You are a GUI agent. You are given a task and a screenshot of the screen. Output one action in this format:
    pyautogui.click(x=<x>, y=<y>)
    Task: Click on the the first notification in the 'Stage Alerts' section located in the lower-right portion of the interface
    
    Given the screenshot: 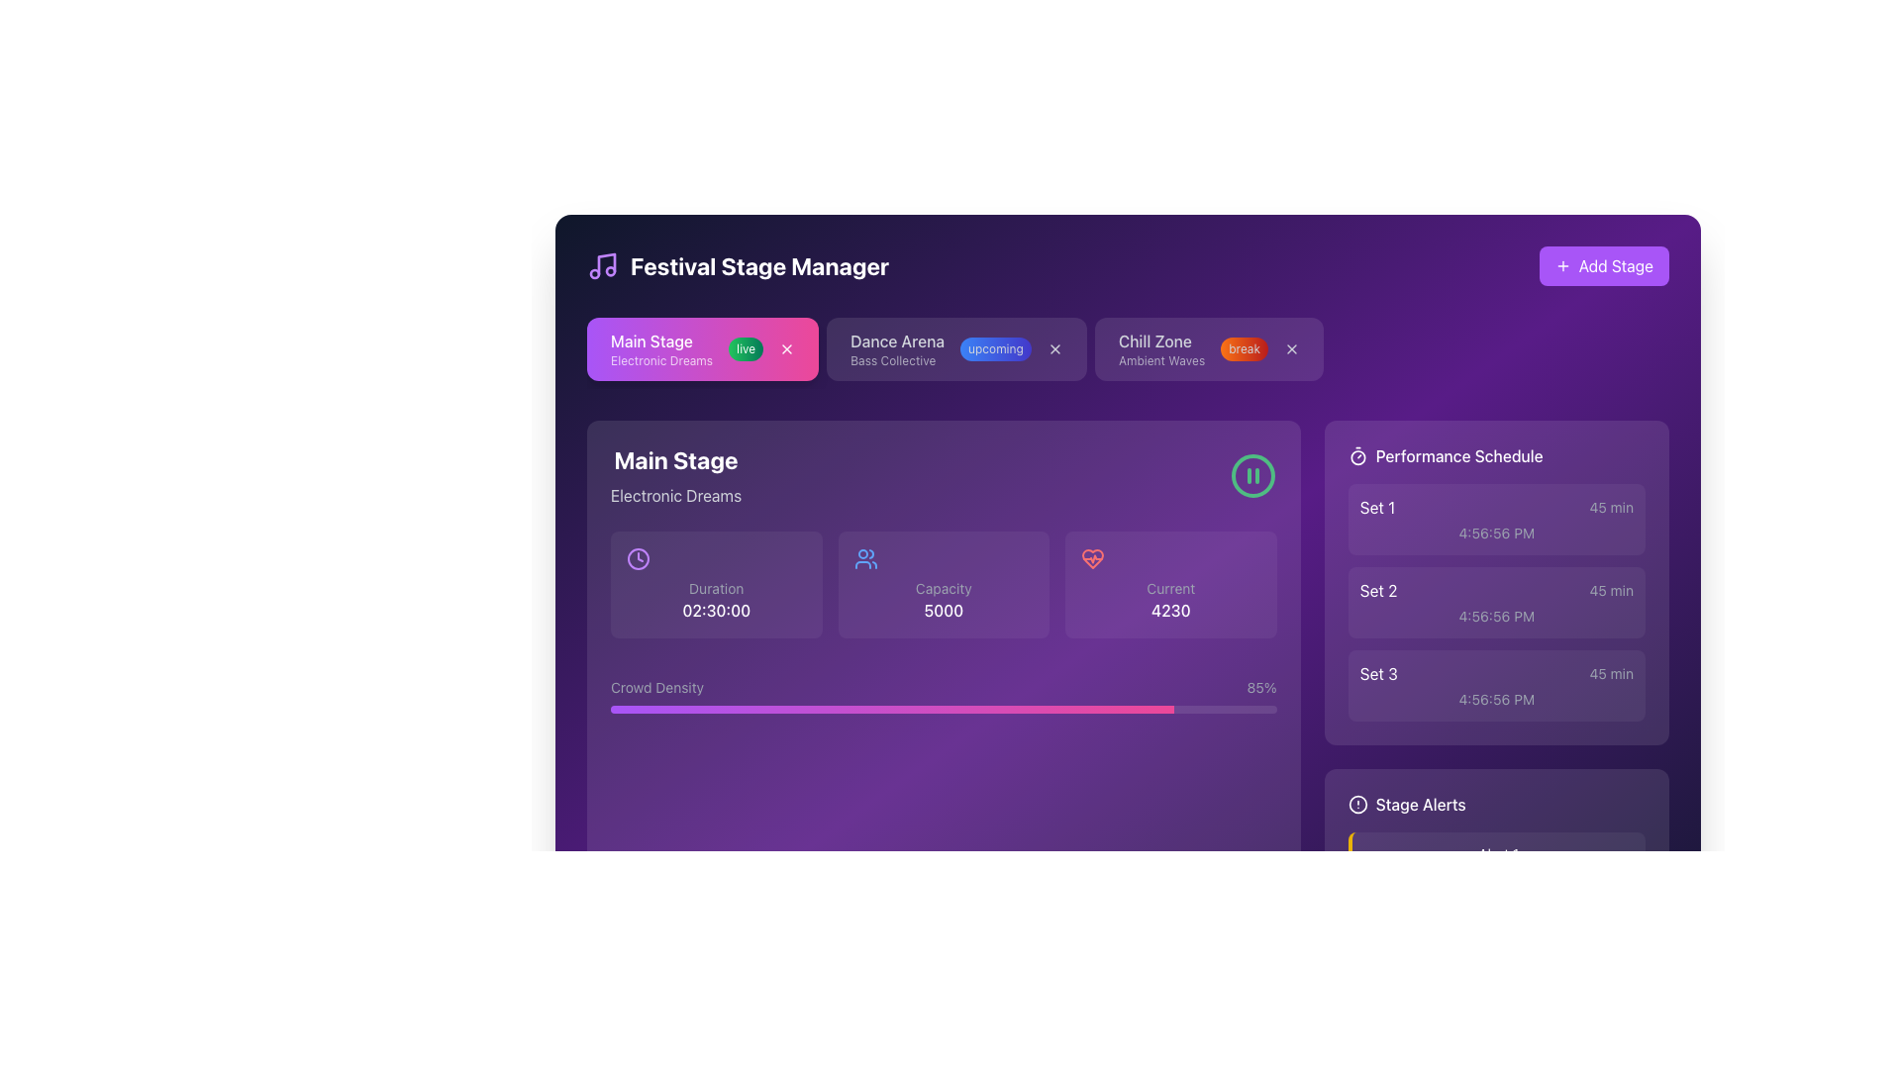 What is the action you would take?
    pyautogui.click(x=1496, y=862)
    